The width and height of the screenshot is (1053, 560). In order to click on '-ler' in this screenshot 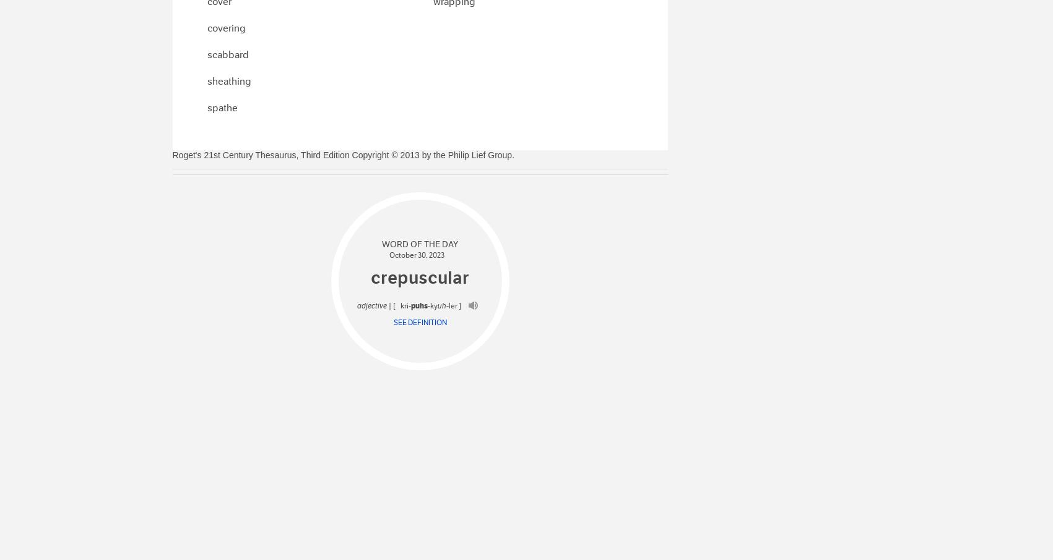, I will do `click(445, 305)`.